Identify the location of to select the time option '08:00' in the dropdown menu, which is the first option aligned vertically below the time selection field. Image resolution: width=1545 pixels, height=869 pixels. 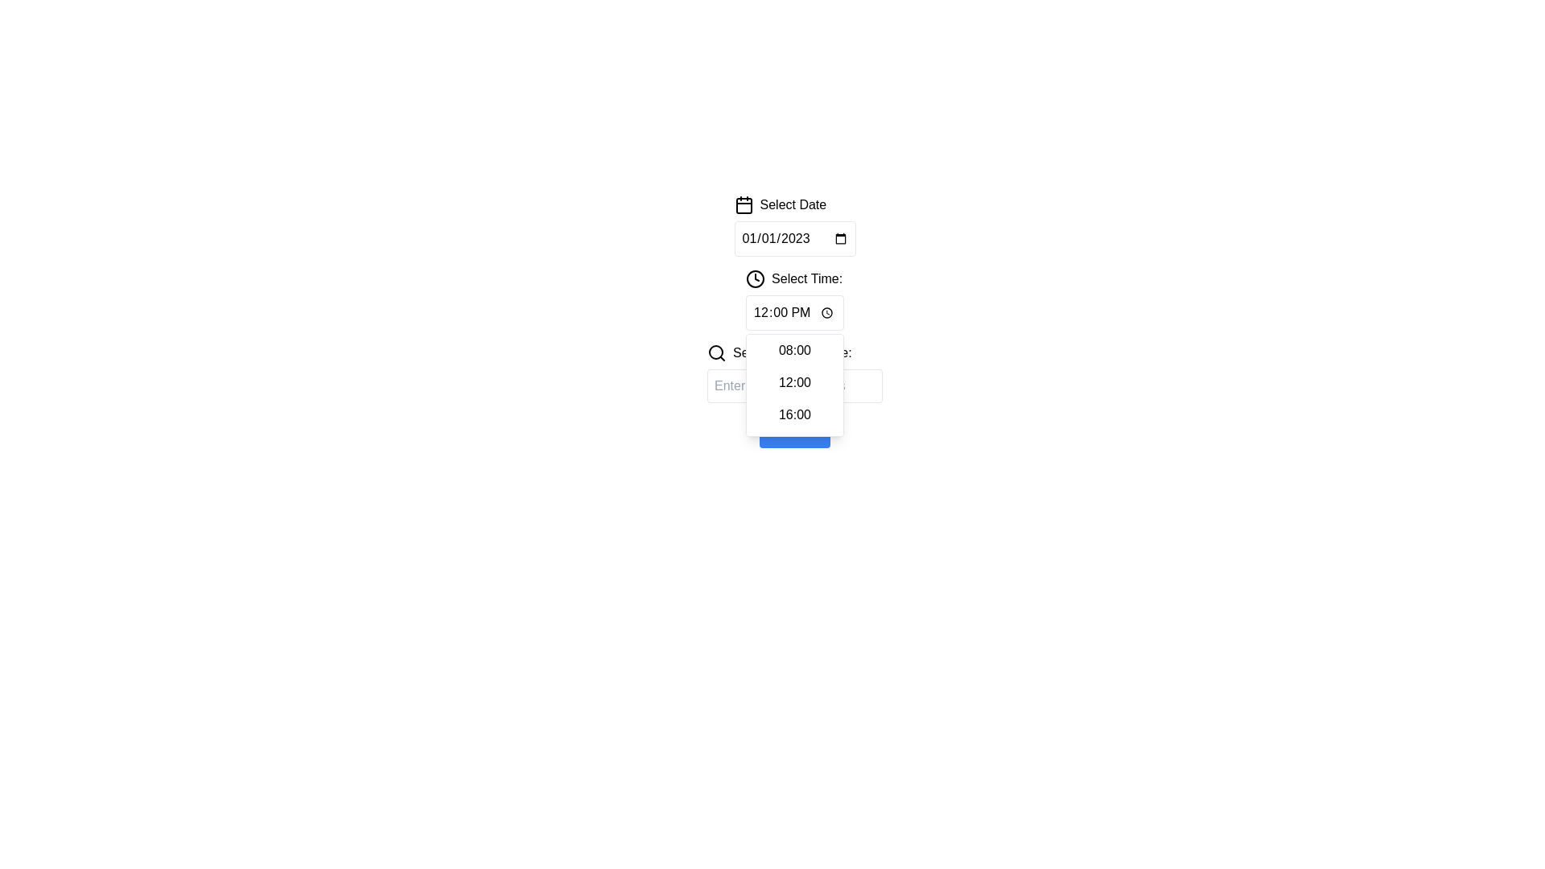
(795, 349).